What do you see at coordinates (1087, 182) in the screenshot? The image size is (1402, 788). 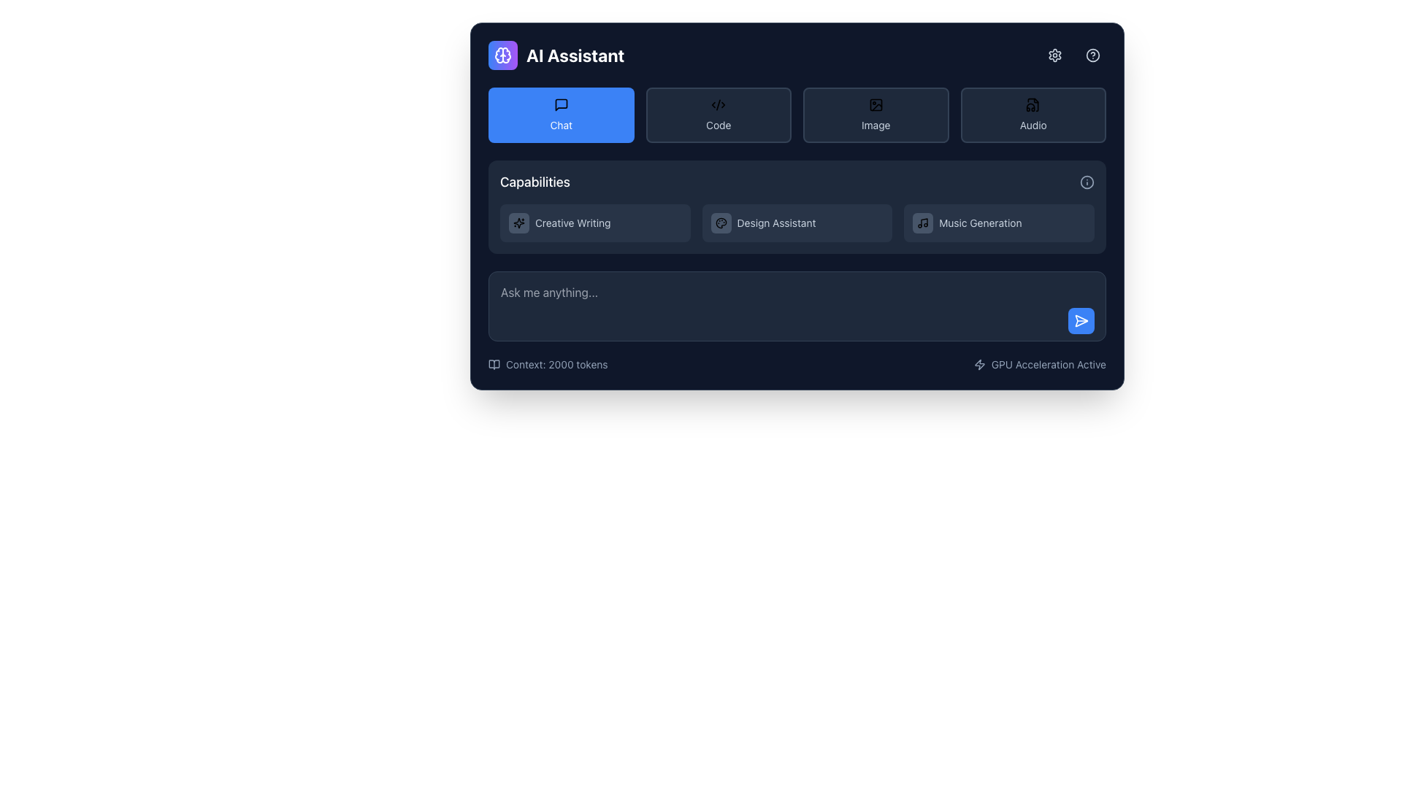 I see `the circular SVG icon resembling an information or help symbol located in the top-right corner of the interface, just to the left of the settings button` at bounding box center [1087, 182].